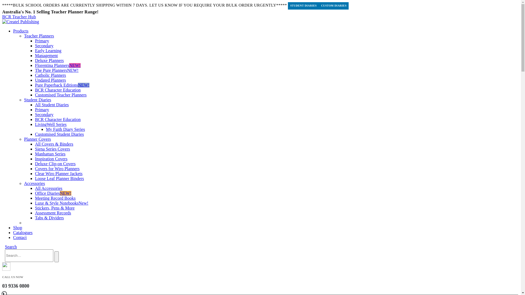 This screenshot has width=525, height=295. What do you see at coordinates (37, 139) in the screenshot?
I see `'Planner Covers'` at bounding box center [37, 139].